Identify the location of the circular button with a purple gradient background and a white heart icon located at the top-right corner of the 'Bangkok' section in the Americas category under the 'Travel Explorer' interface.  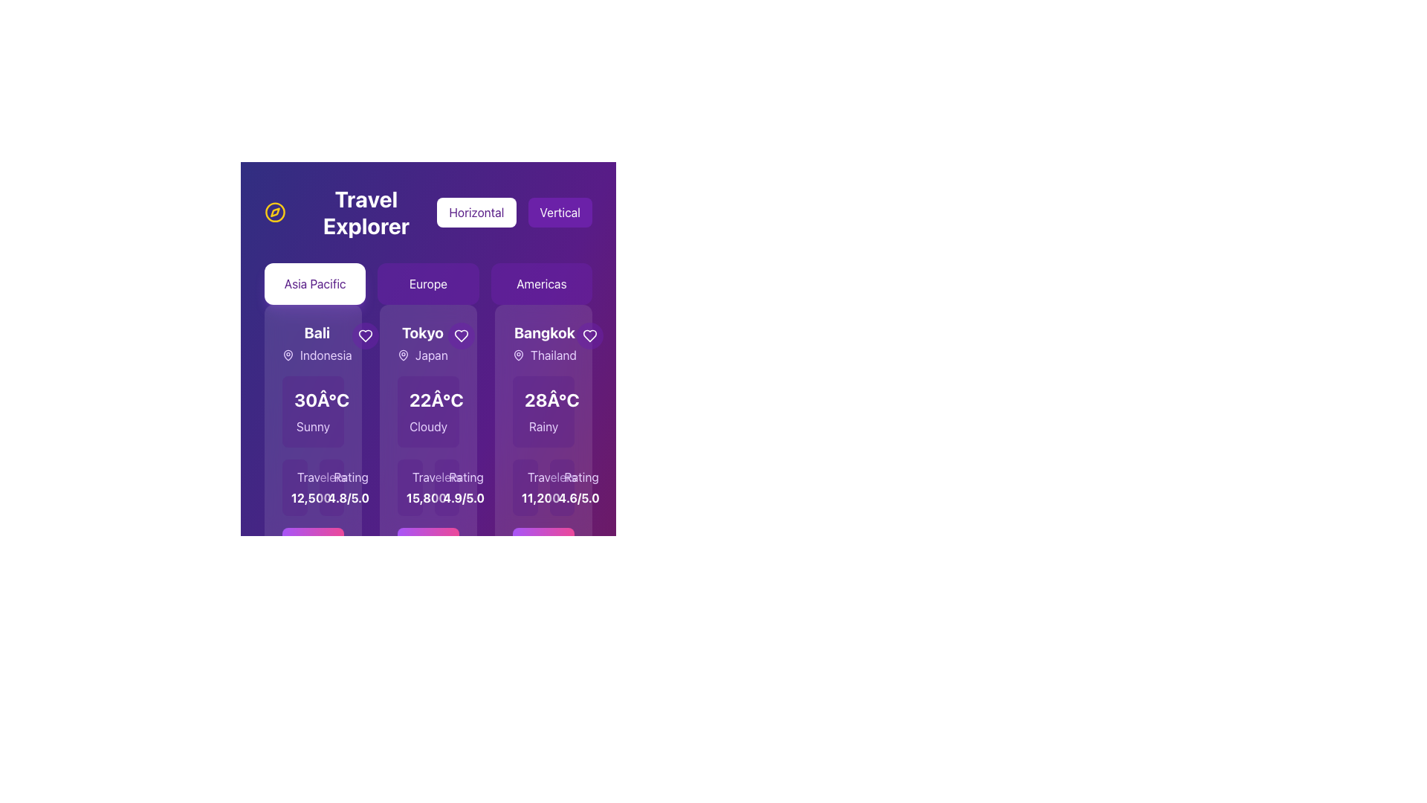
(589, 335).